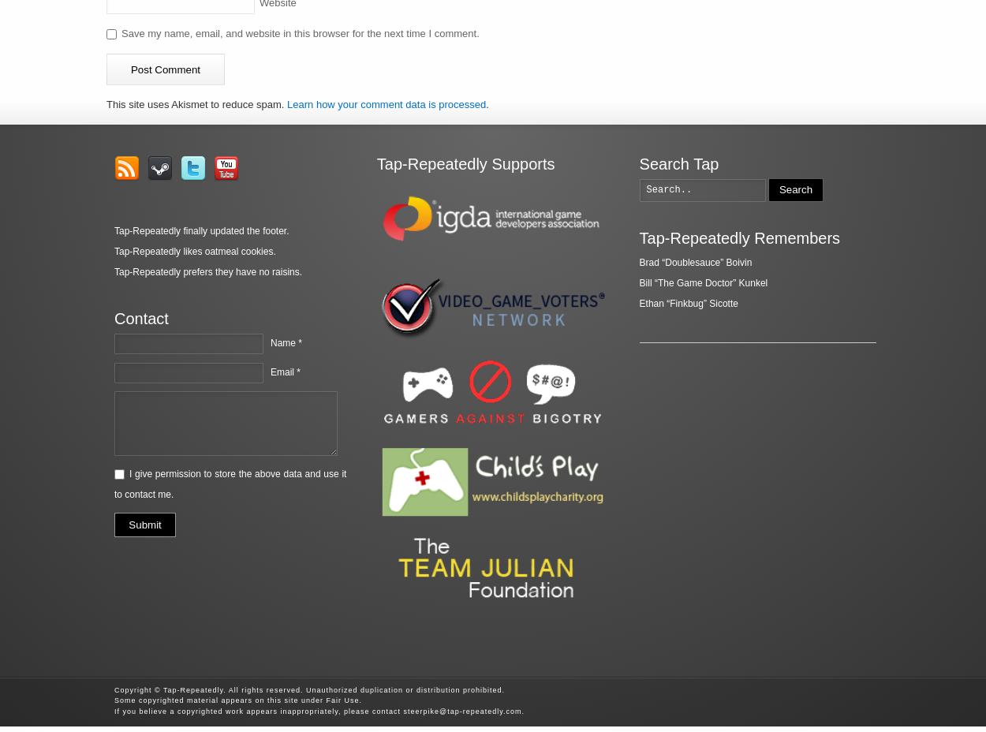 This screenshot has width=986, height=732. I want to click on 'Learn how your comment data is processed', so click(386, 104).